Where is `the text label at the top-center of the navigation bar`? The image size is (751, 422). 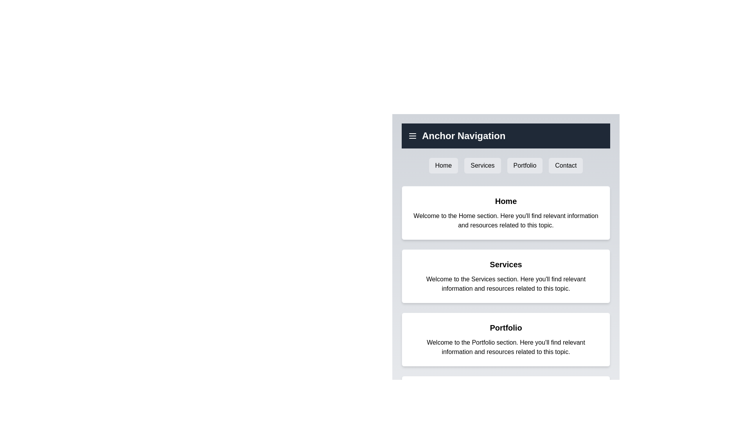
the text label at the top-center of the navigation bar is located at coordinates (464, 135).